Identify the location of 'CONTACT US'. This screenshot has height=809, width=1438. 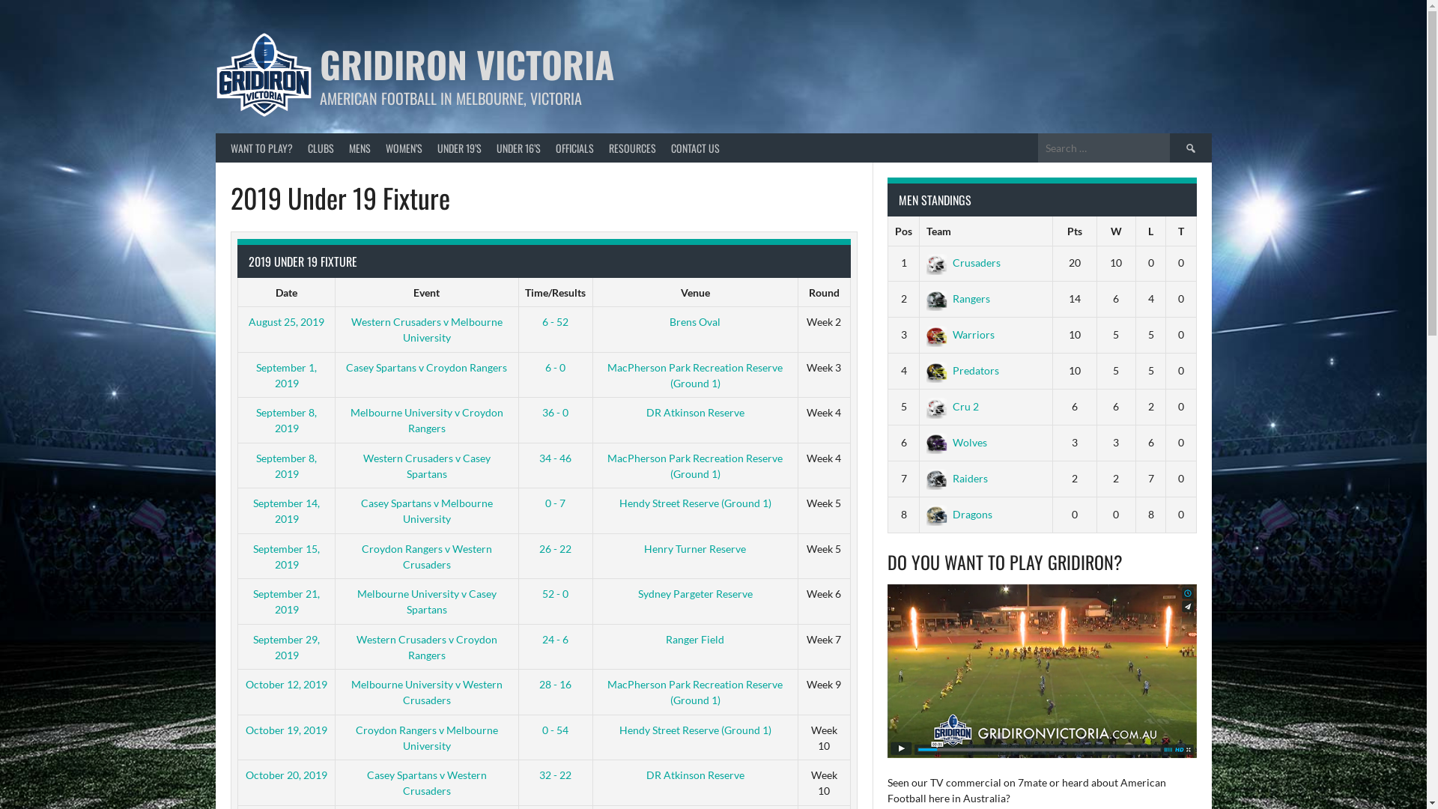
(694, 148).